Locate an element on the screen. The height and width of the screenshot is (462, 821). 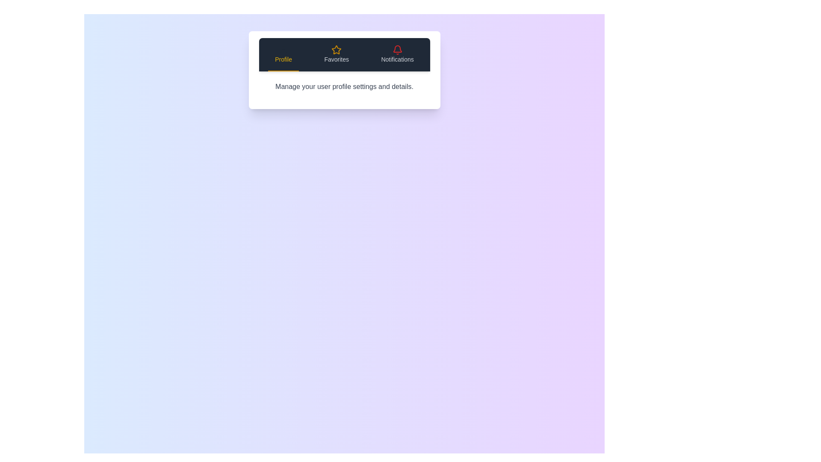
the Notifications tab by clicking on its button is located at coordinates (397, 54).